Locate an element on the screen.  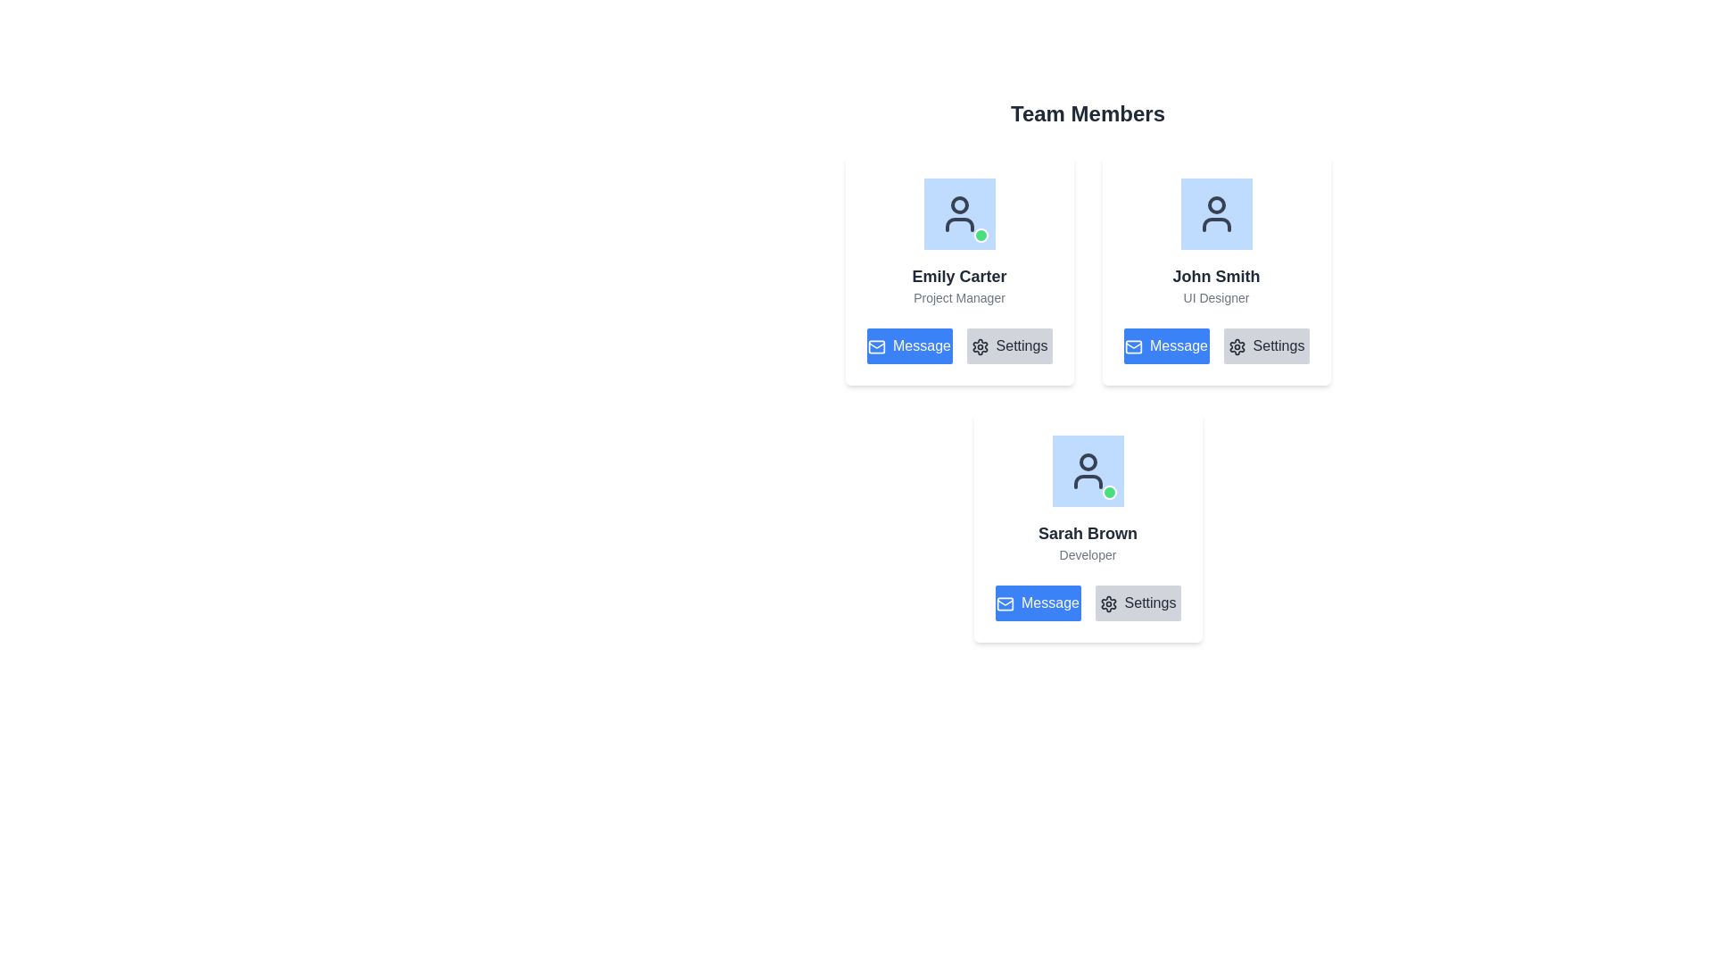
the Status Indicator located at the bottom-right corner of the profile icon for 'Emily Carter' in the team members' grid is located at coordinates (980, 234).